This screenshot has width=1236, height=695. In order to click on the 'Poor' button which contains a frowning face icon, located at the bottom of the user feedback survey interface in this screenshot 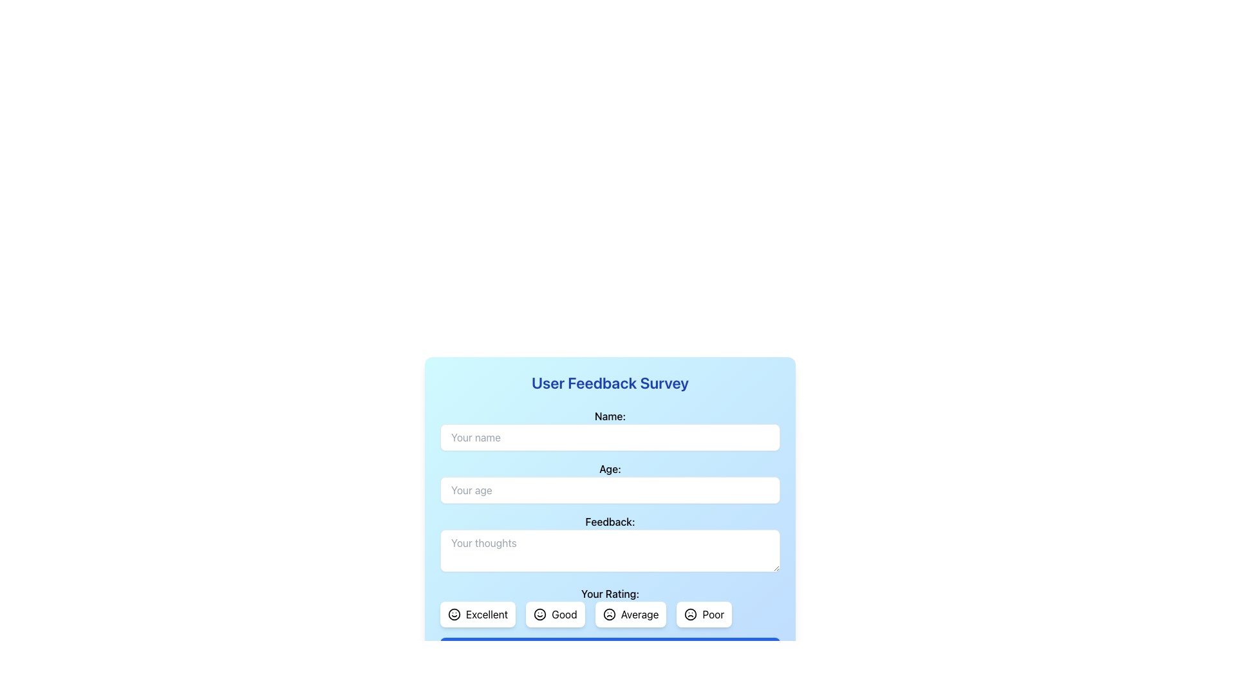, I will do `click(690, 614)`.